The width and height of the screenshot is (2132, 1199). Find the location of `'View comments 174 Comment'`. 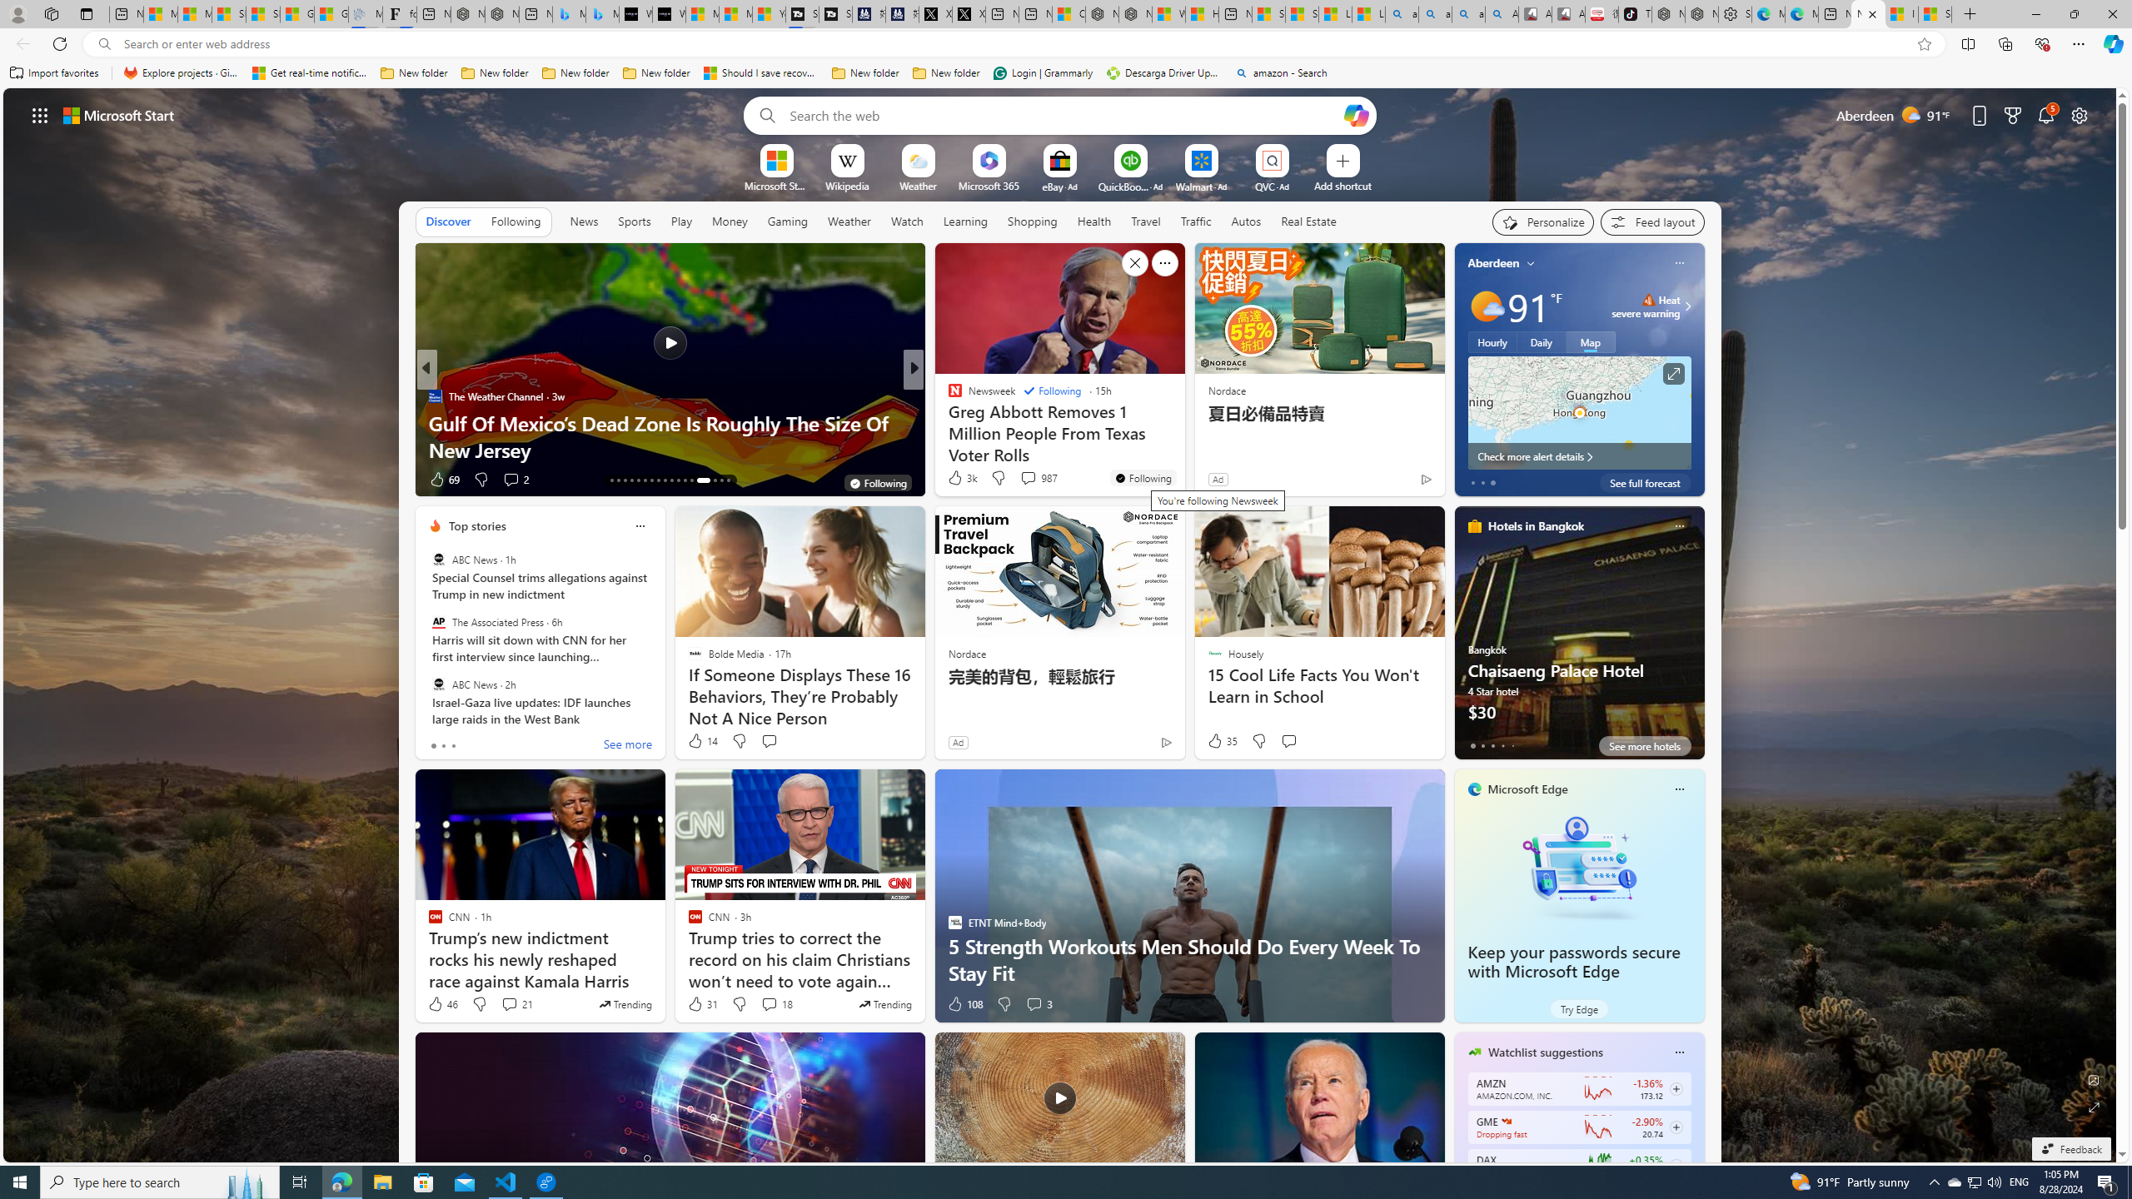

'View comments 174 Comment' is located at coordinates (9, 478).